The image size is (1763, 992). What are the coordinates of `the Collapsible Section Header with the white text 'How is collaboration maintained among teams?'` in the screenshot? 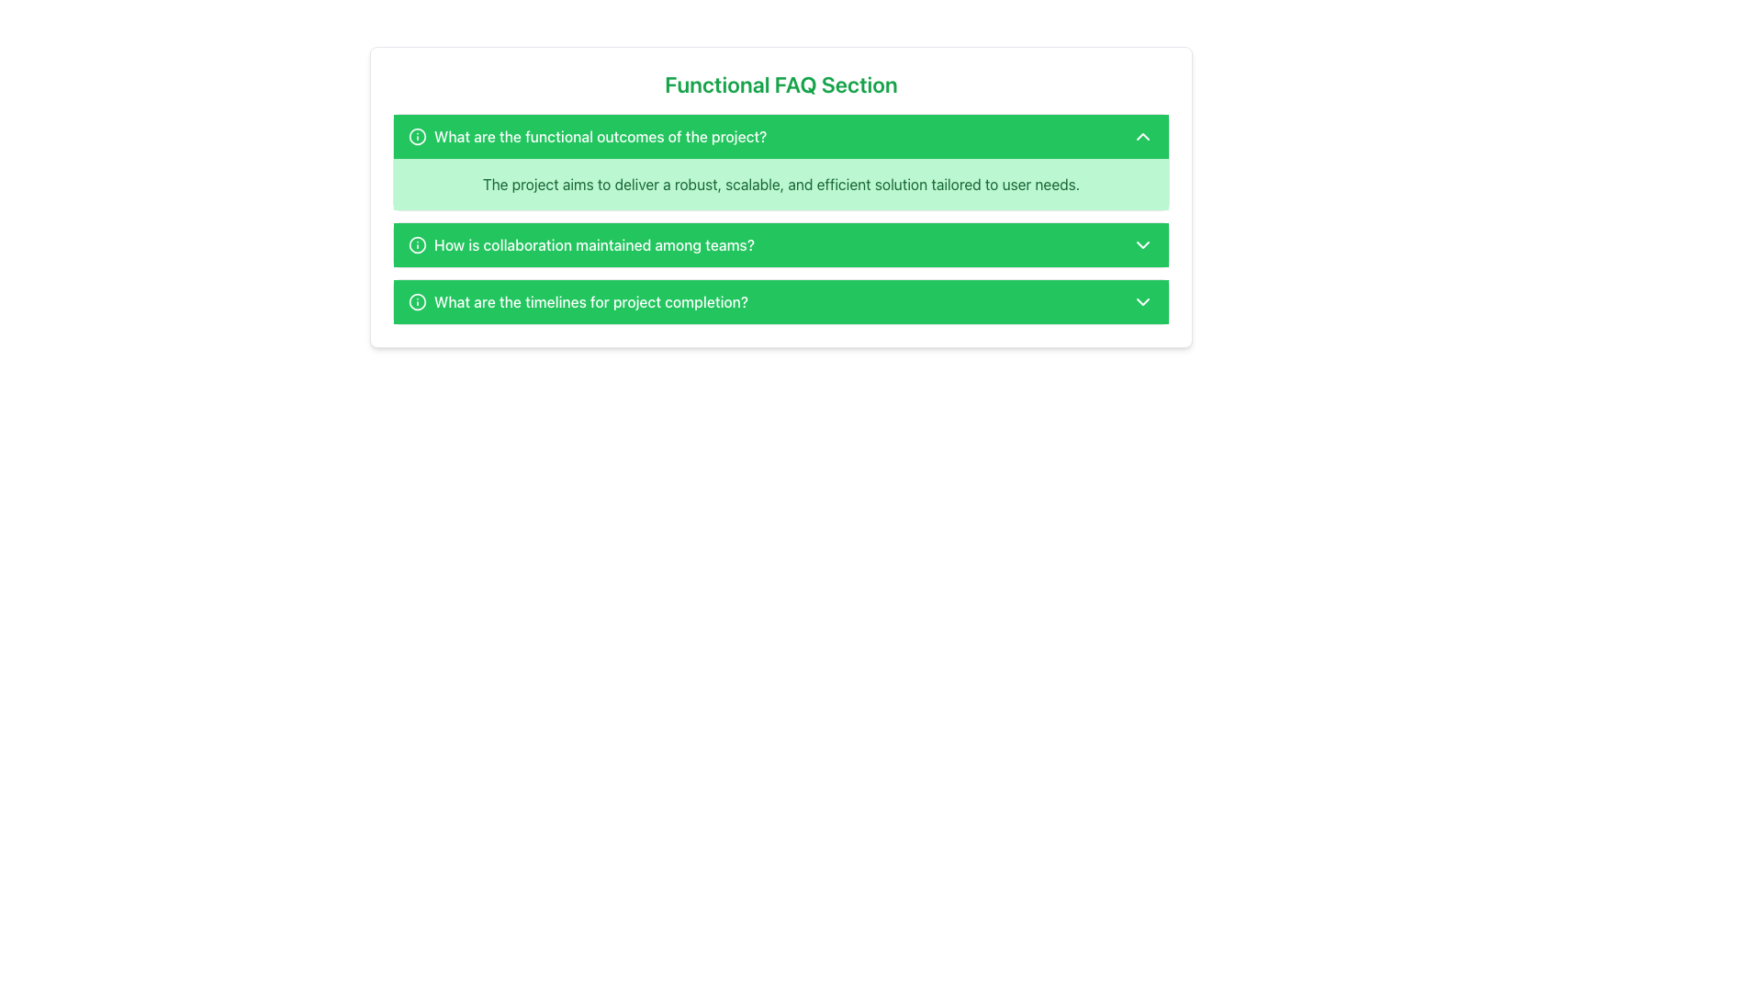 It's located at (780, 243).